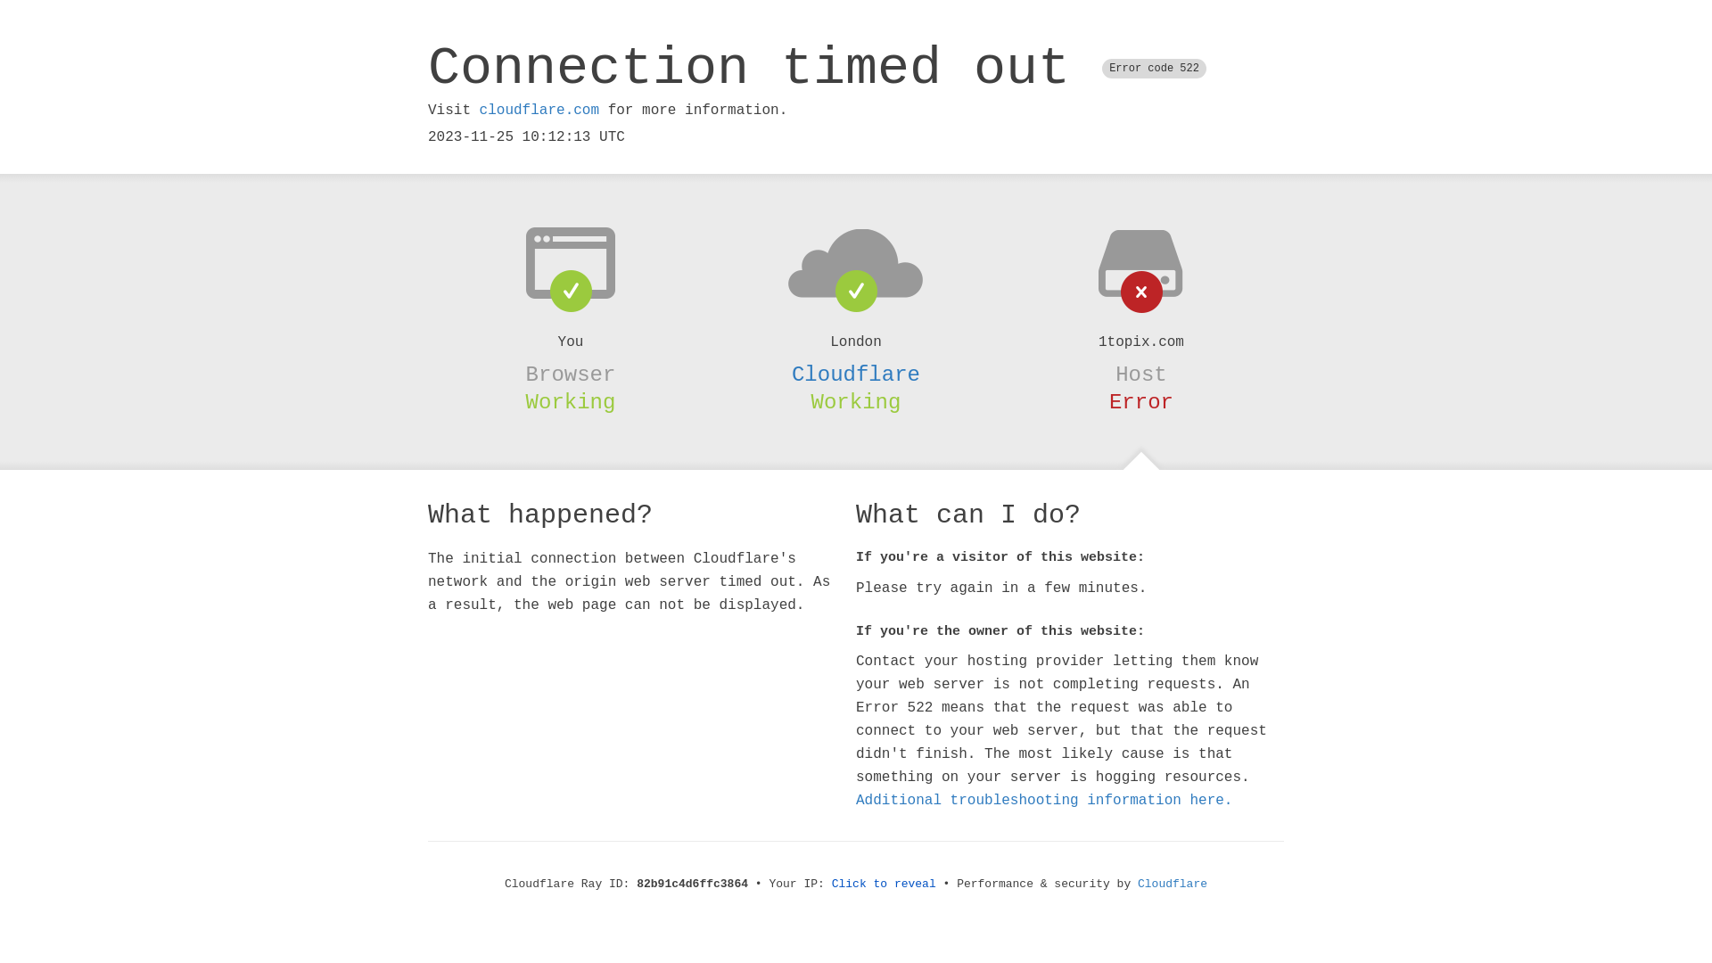 Image resolution: width=1712 pixels, height=963 pixels. I want to click on 'Cloudflare', so click(856, 374).